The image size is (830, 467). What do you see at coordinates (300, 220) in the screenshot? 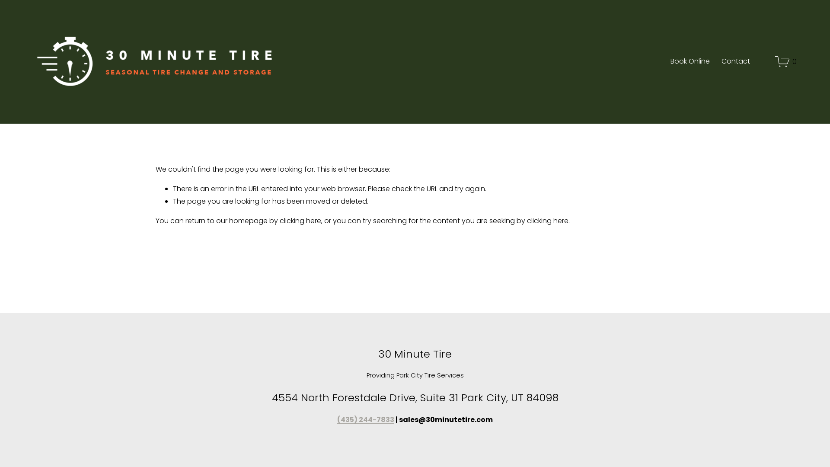
I see `'clicking here'` at bounding box center [300, 220].